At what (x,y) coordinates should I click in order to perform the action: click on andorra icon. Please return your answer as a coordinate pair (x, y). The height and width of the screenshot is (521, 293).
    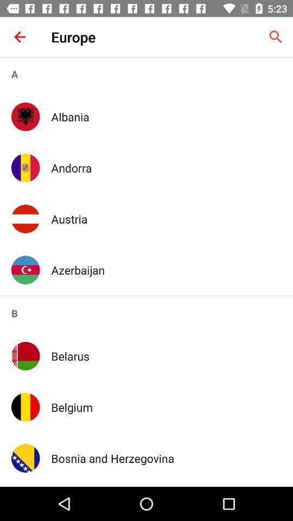
    Looking at the image, I should click on (166, 168).